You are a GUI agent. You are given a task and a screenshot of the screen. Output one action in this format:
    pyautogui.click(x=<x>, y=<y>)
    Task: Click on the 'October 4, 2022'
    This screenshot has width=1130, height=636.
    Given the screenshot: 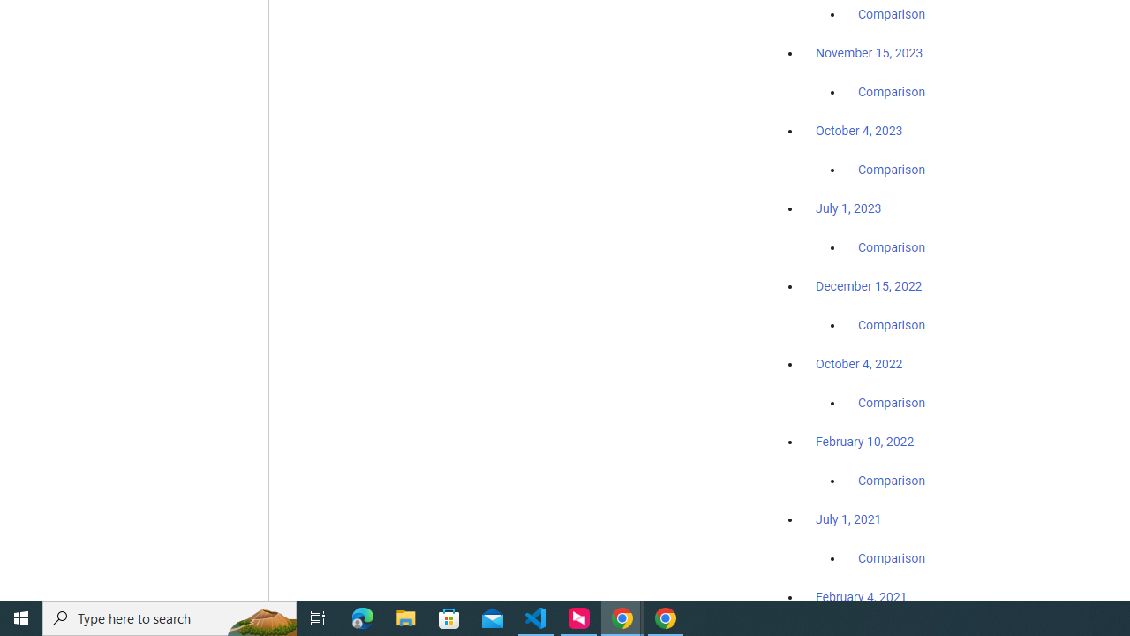 What is the action you would take?
    pyautogui.click(x=859, y=363)
    